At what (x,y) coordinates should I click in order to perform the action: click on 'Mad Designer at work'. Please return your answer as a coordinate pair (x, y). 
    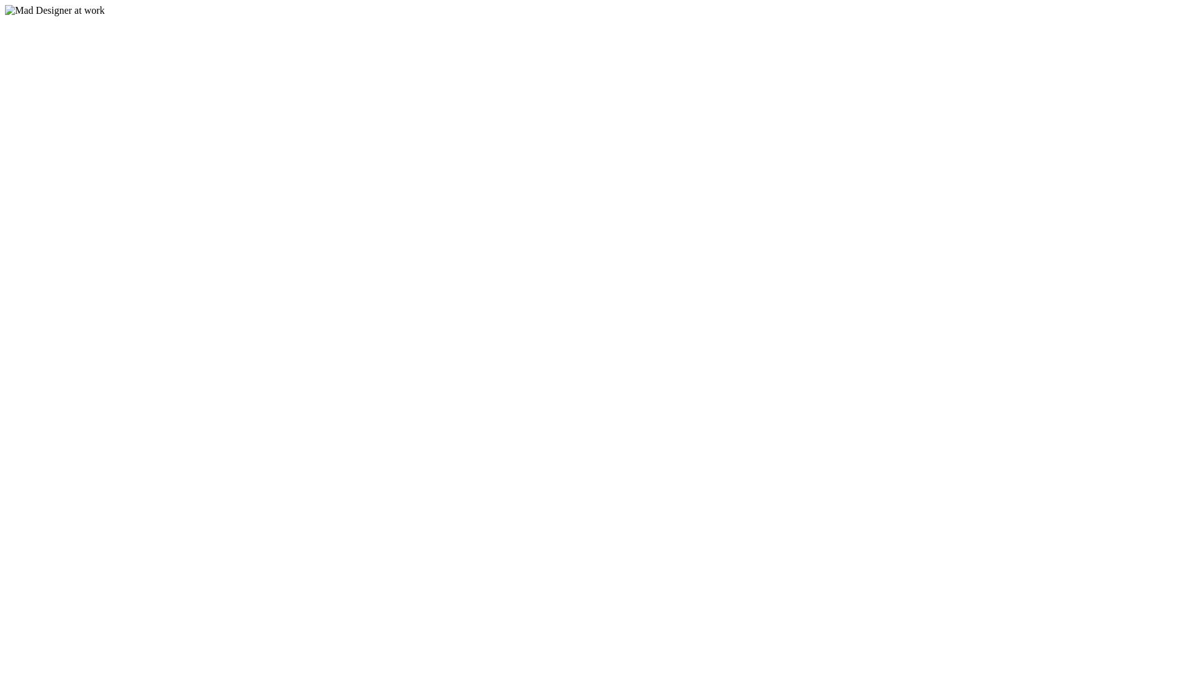
    Looking at the image, I should click on (5, 10).